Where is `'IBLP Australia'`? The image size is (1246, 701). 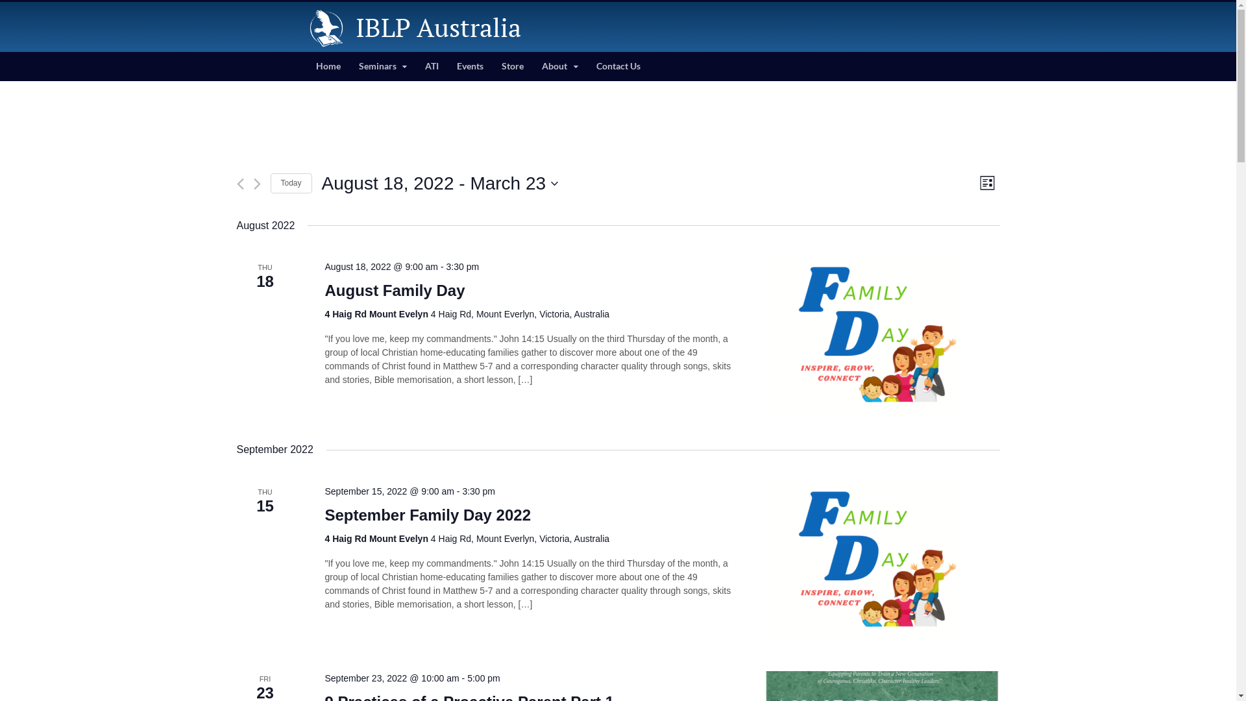 'IBLP Australia' is located at coordinates (438, 27).